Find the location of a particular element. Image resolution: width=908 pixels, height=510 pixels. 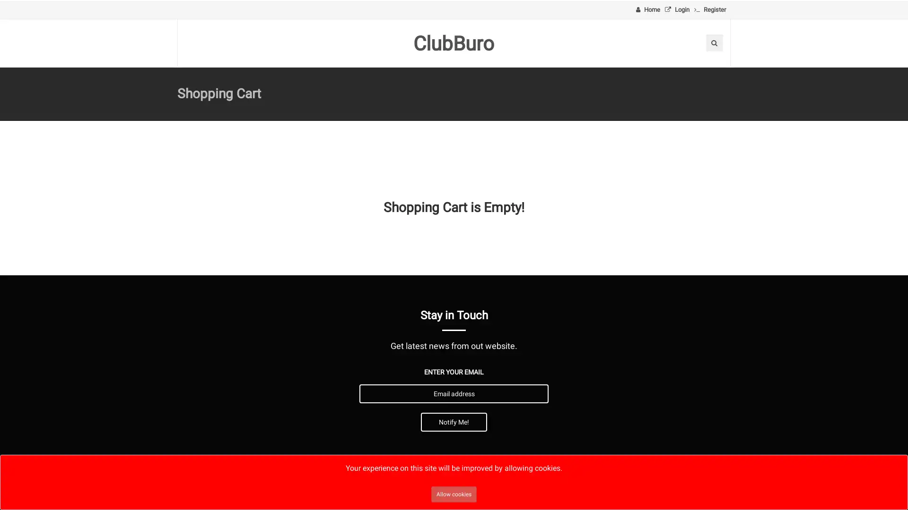

Allow cookies is located at coordinates (454, 493).